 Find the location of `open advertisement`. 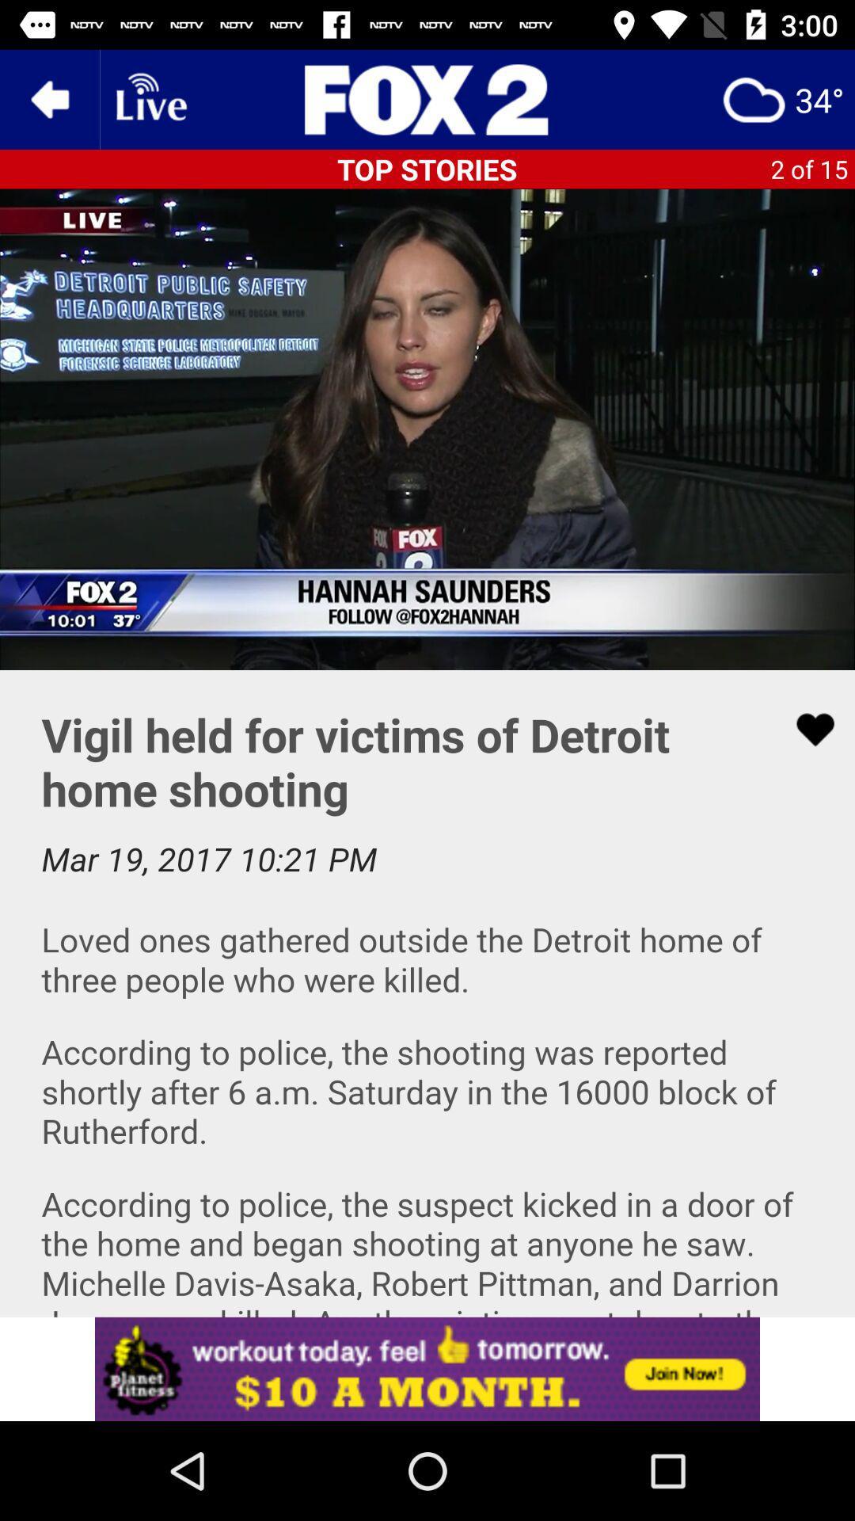

open advertisement is located at coordinates (427, 1368).